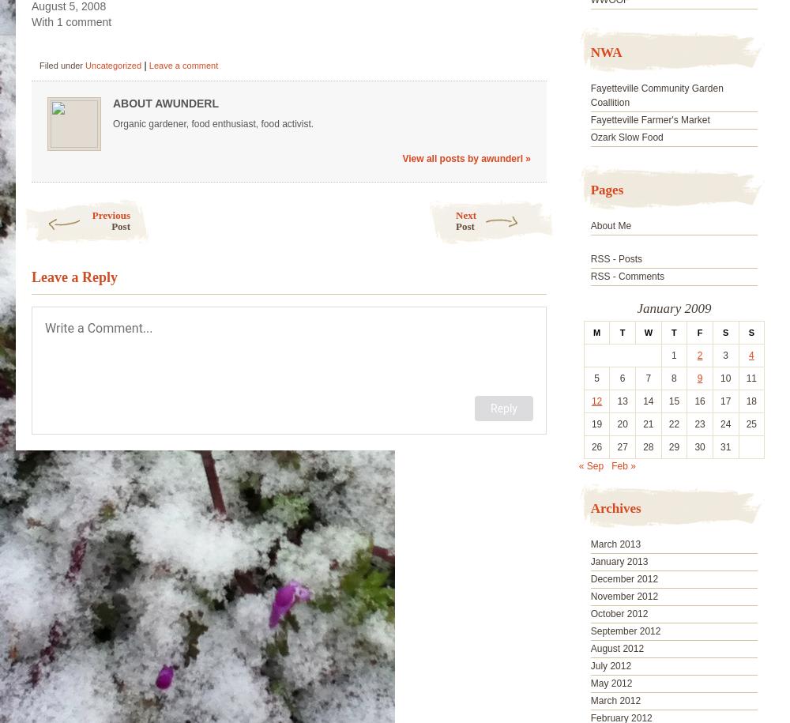  Describe the element at coordinates (699, 355) in the screenshot. I see `'2'` at that location.